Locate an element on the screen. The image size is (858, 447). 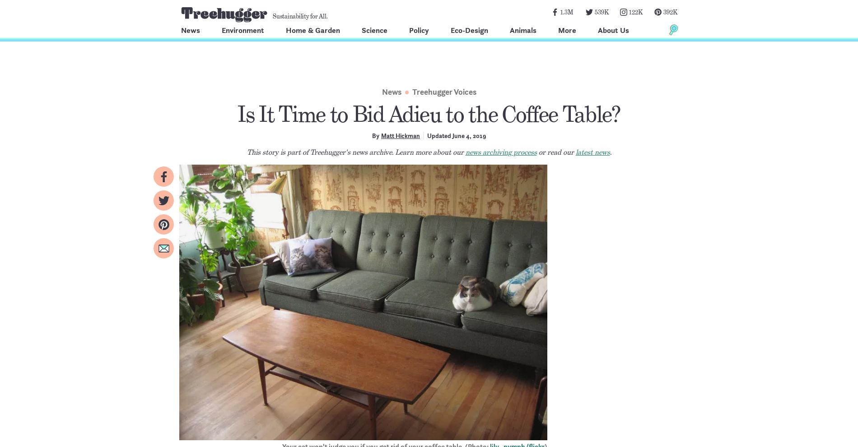
'news archiving process' is located at coordinates (501, 152).